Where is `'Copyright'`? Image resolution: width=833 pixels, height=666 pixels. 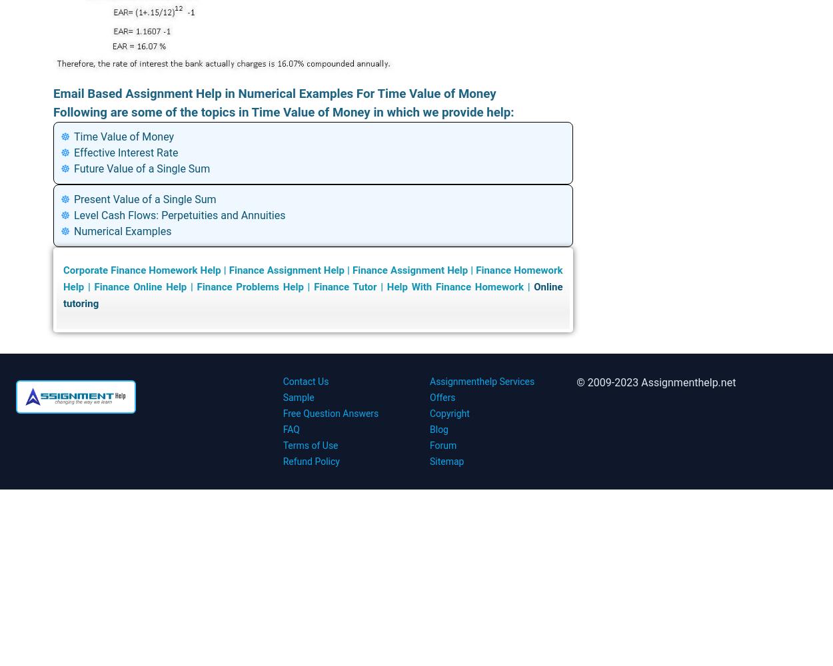 'Copyright' is located at coordinates (430, 413).